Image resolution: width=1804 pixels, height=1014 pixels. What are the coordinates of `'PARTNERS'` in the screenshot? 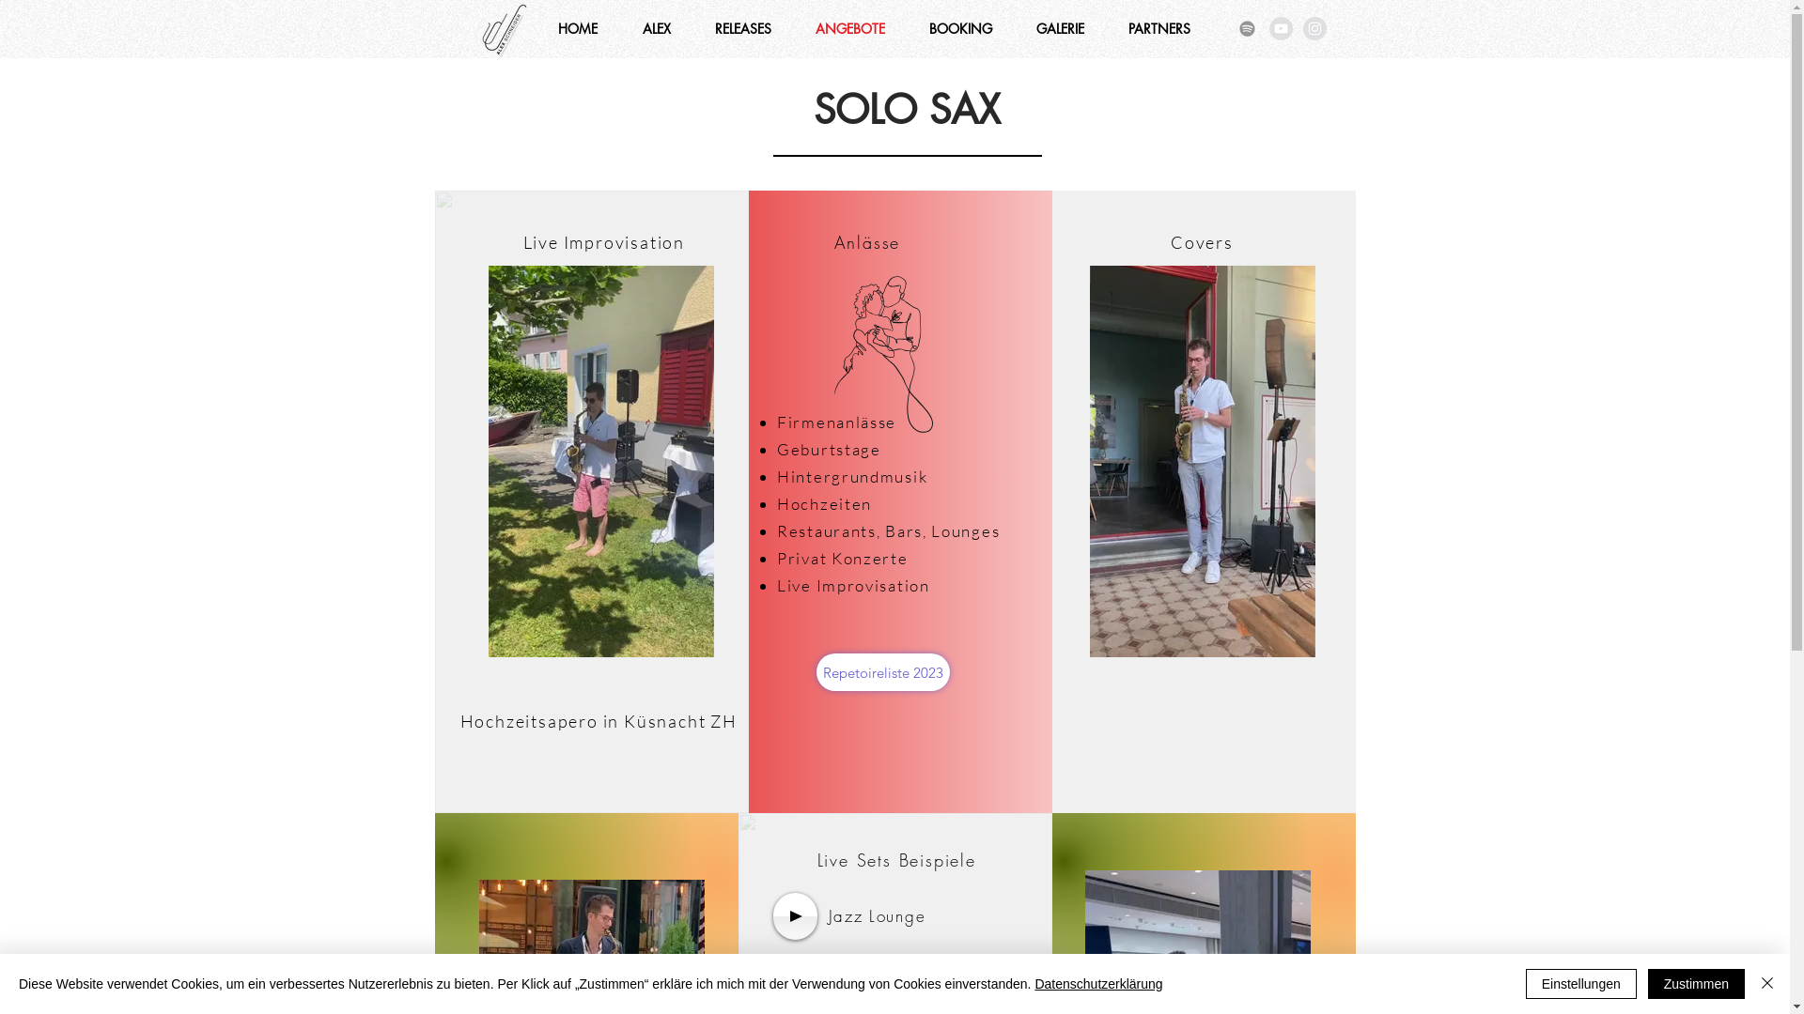 It's located at (1159, 28).